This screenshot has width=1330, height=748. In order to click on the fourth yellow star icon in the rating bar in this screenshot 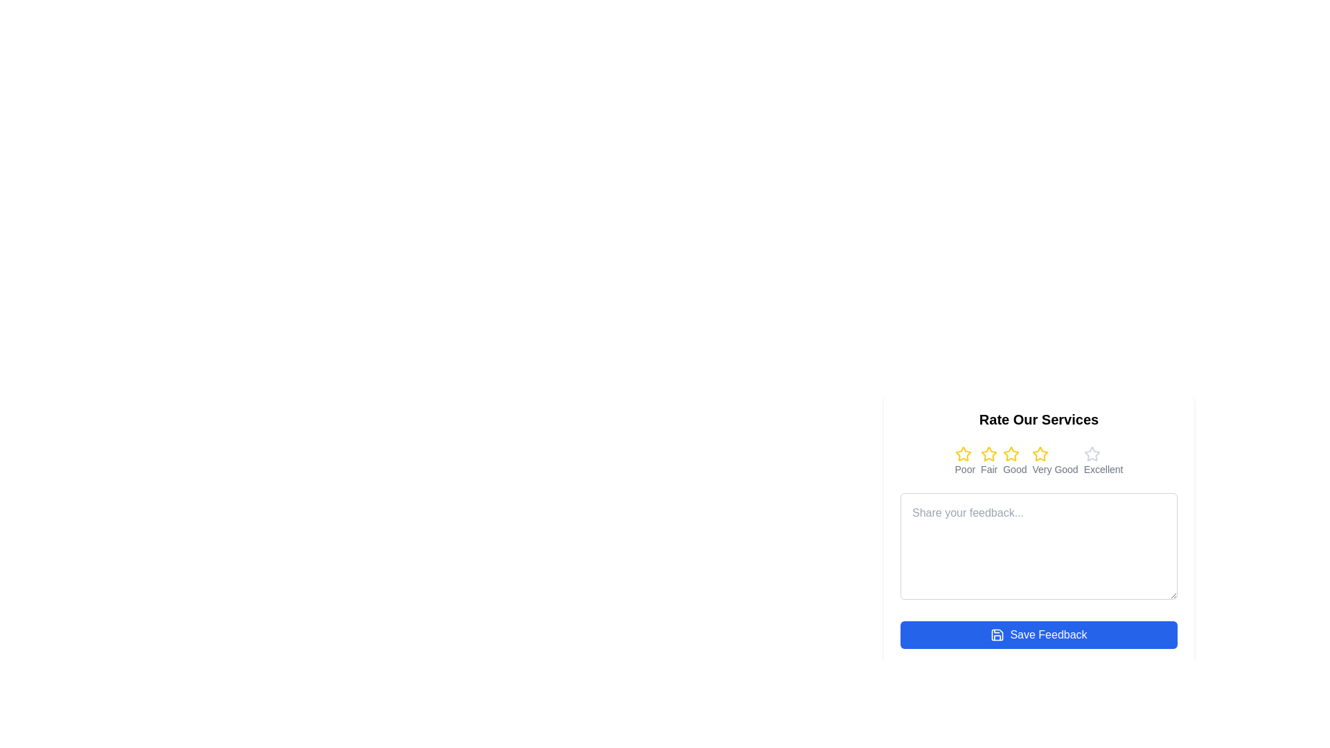, I will do `click(1040, 454)`.